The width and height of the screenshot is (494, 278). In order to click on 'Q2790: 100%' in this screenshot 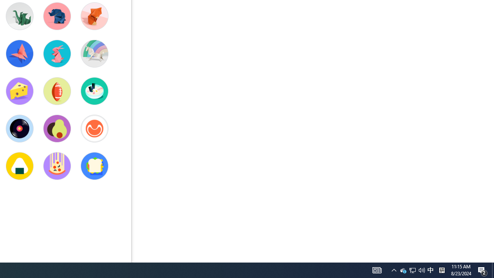, I will do `click(403, 270)`.